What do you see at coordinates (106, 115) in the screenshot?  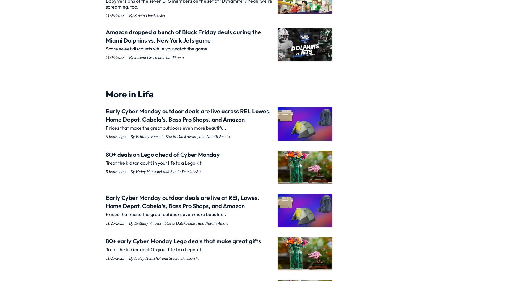 I see `'Early Cyber Monday outdoor deals are live across REI, Lowes, Home Depot, Cabela’s, Bass Pro Shops, and Amazon'` at bounding box center [106, 115].